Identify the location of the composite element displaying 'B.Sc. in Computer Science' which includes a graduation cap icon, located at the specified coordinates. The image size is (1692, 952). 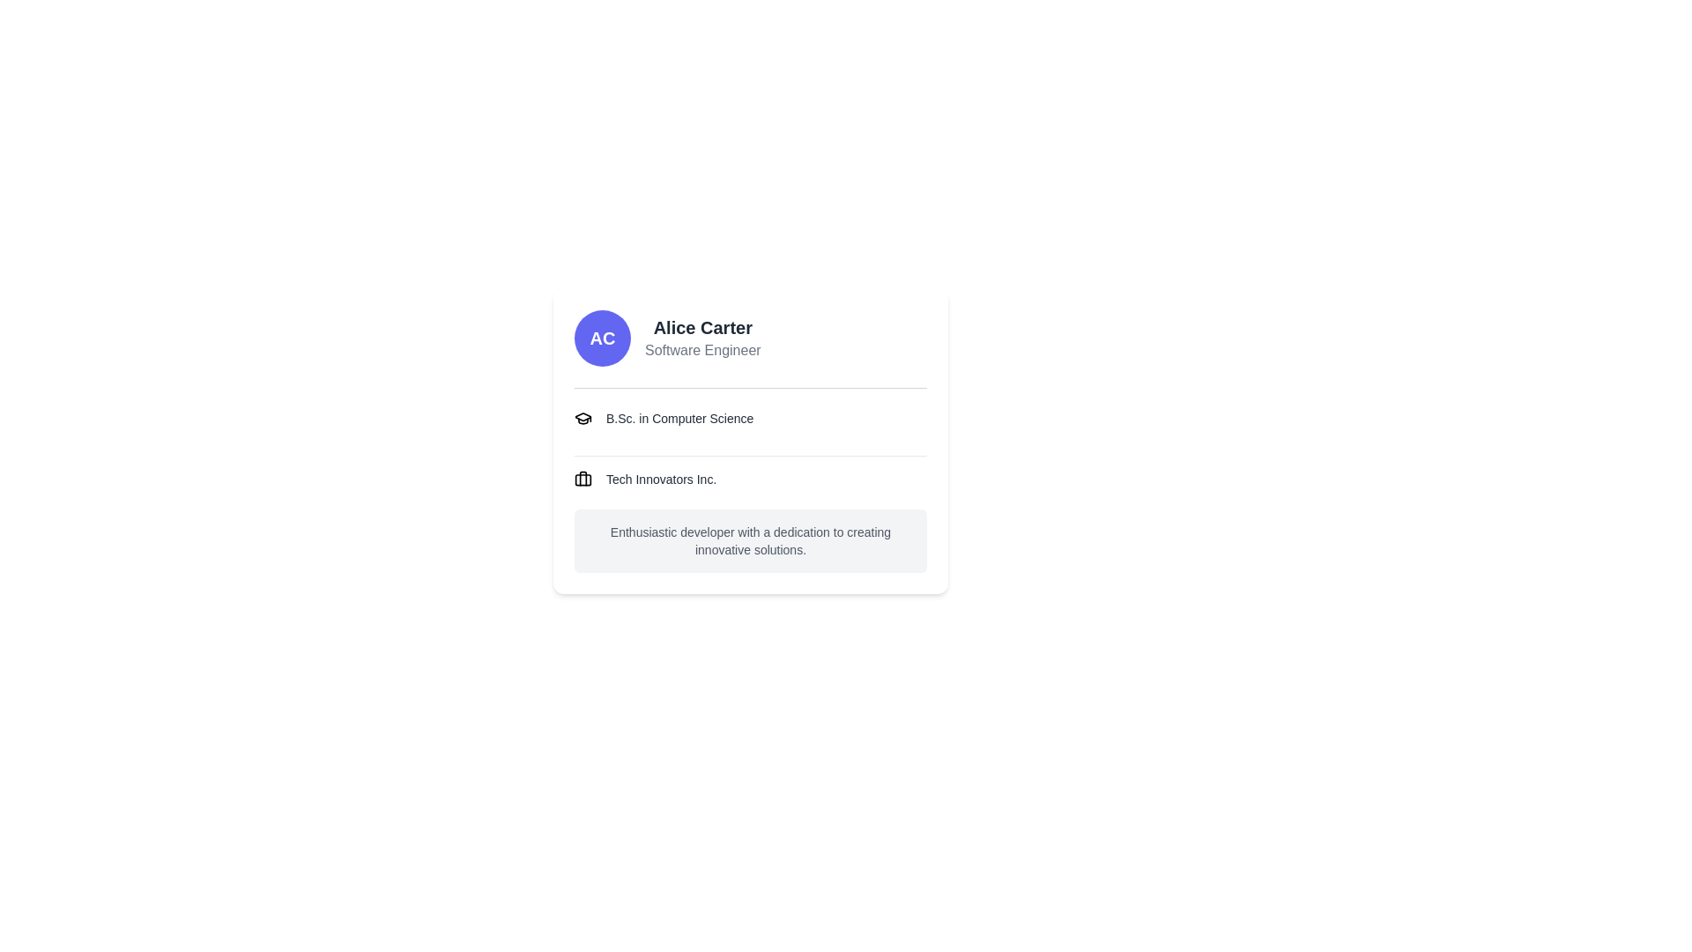
(750, 425).